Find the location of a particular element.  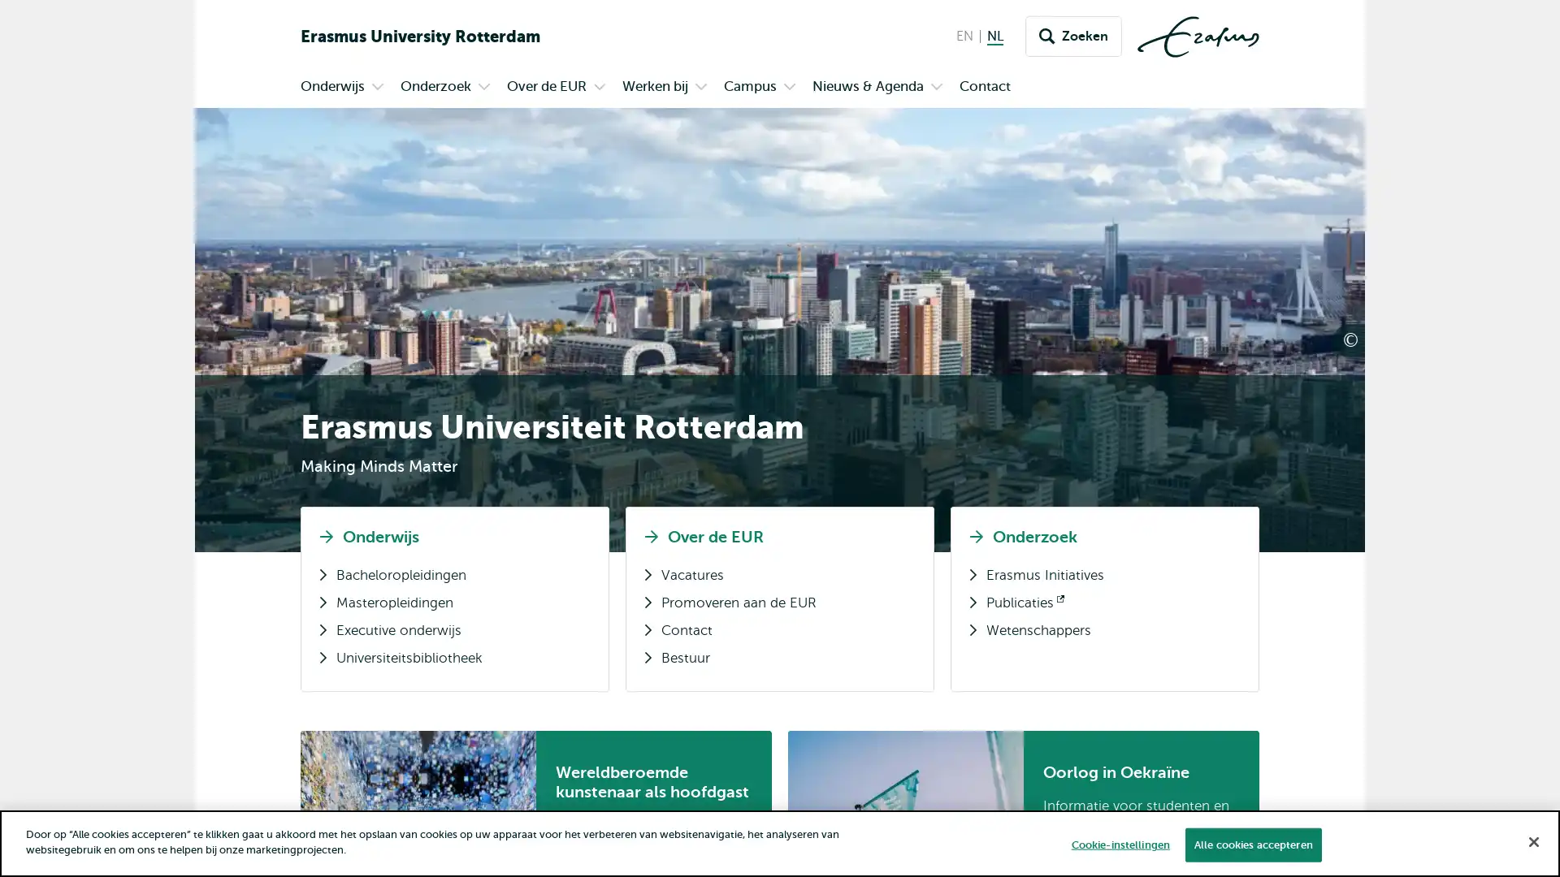

Sluiten is located at coordinates (1532, 840).